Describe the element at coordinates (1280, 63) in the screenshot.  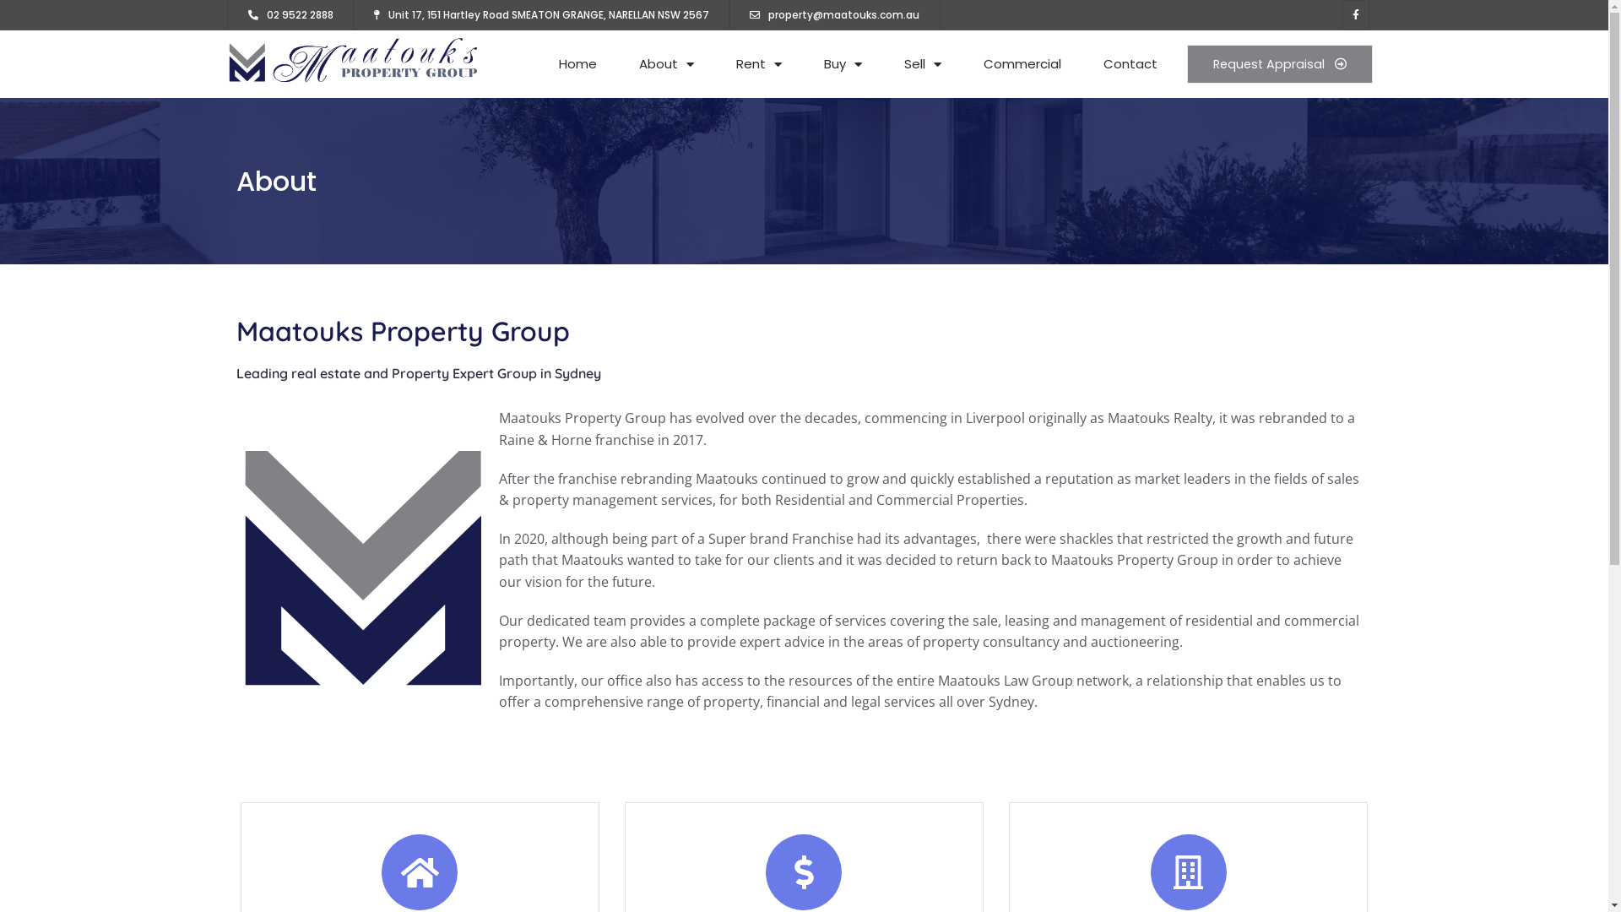
I see `'Request Appraisal'` at that location.